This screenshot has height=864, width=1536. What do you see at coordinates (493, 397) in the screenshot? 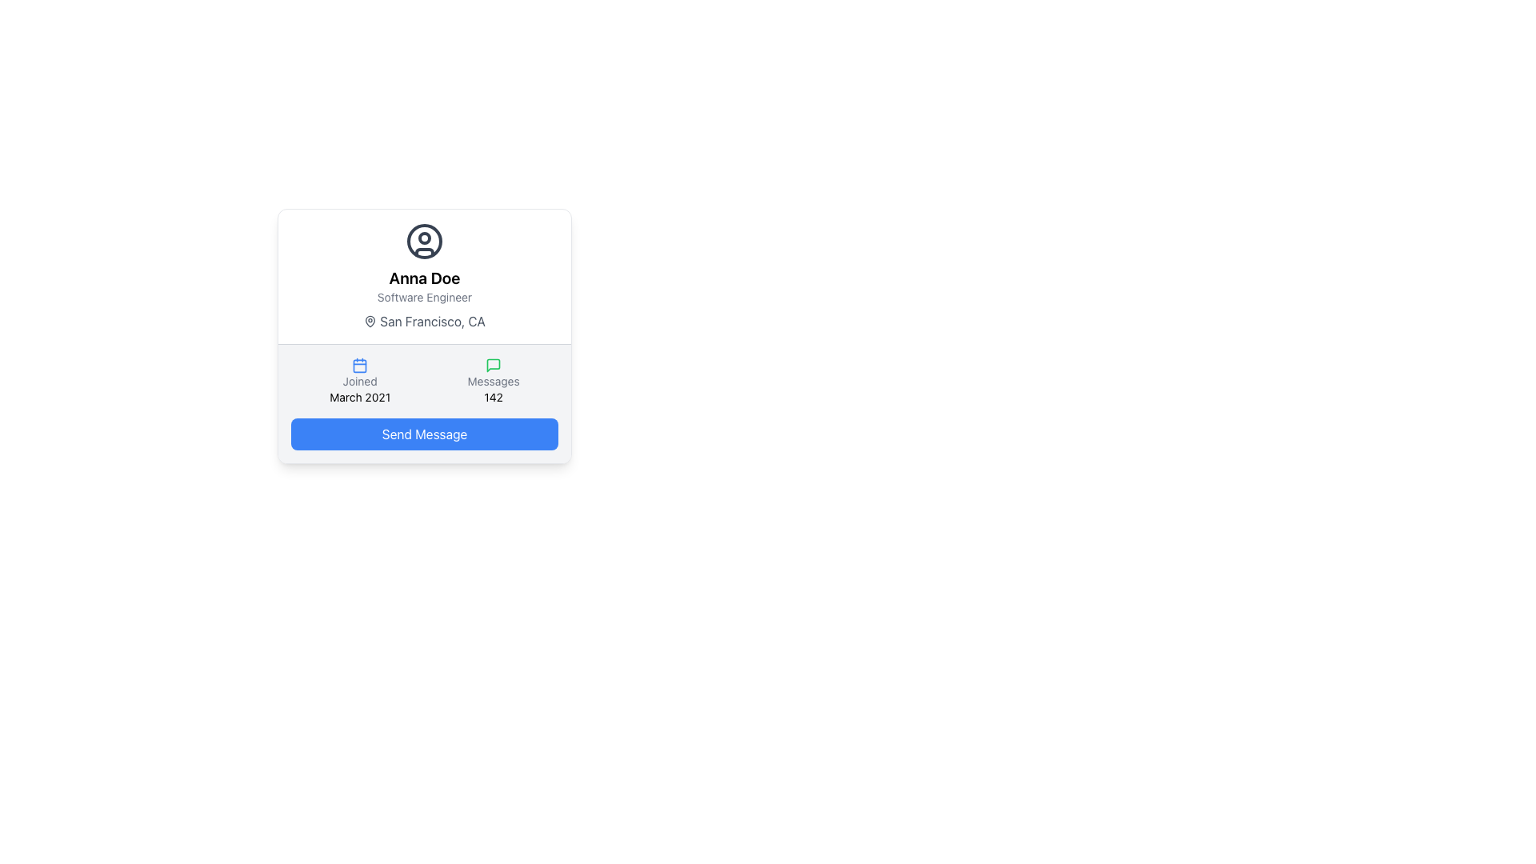
I see `the text label displaying the number of messages associated with the user, located at the bottom right of the user detail card, to the right of the 'Messages' label and below the chat bubble icon` at bounding box center [493, 397].